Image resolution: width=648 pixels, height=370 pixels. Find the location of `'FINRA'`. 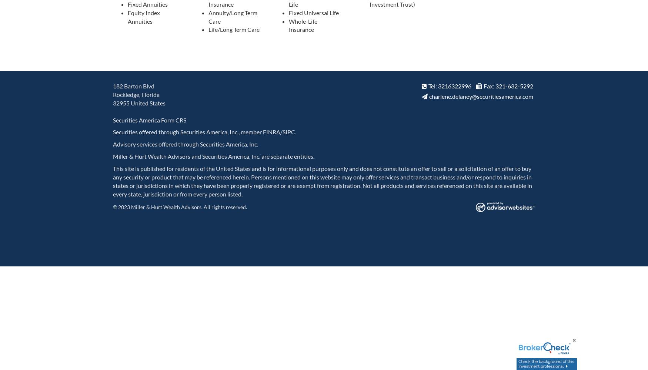

'FINRA' is located at coordinates (271, 131).